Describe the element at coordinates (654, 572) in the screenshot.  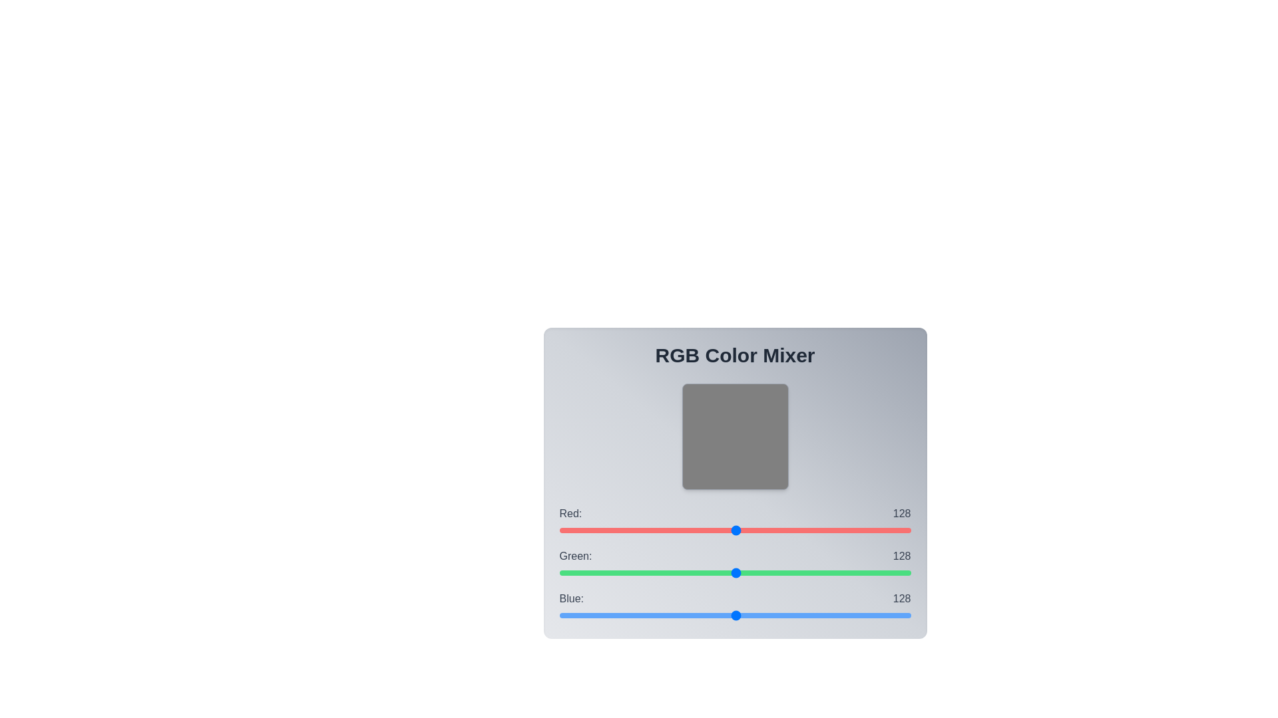
I see `the green slider to set its value to 69` at that location.